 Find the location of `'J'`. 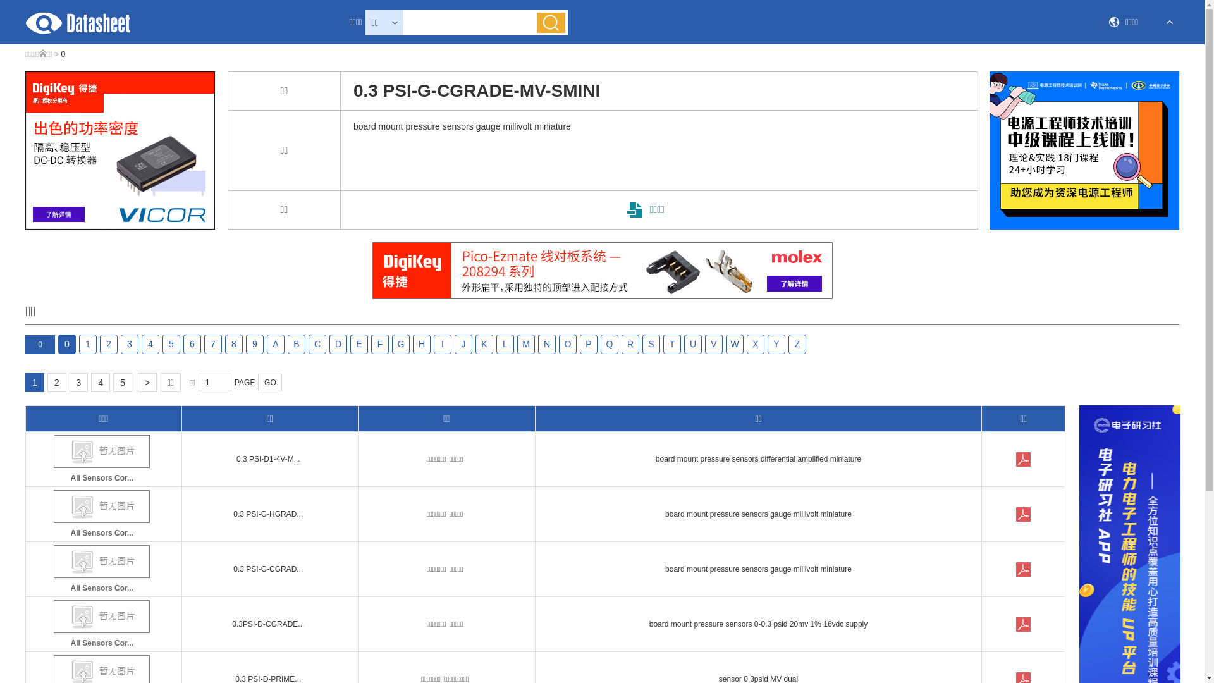

'J' is located at coordinates (463, 344).